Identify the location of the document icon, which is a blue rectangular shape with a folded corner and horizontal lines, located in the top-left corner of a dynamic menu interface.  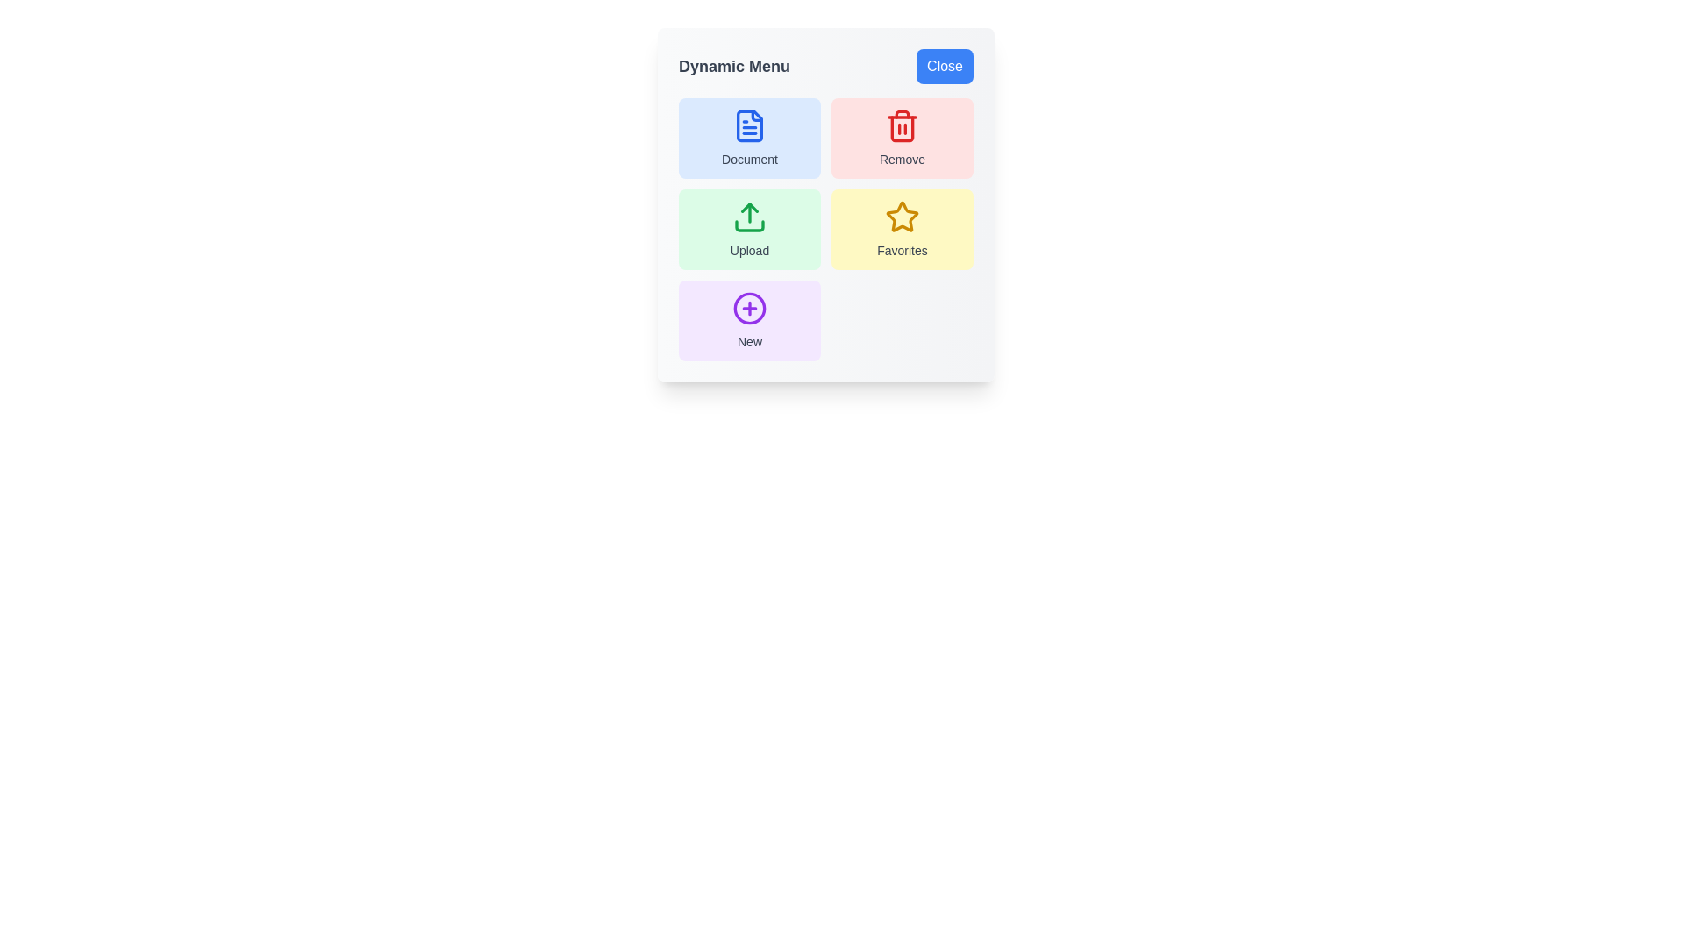
(749, 125).